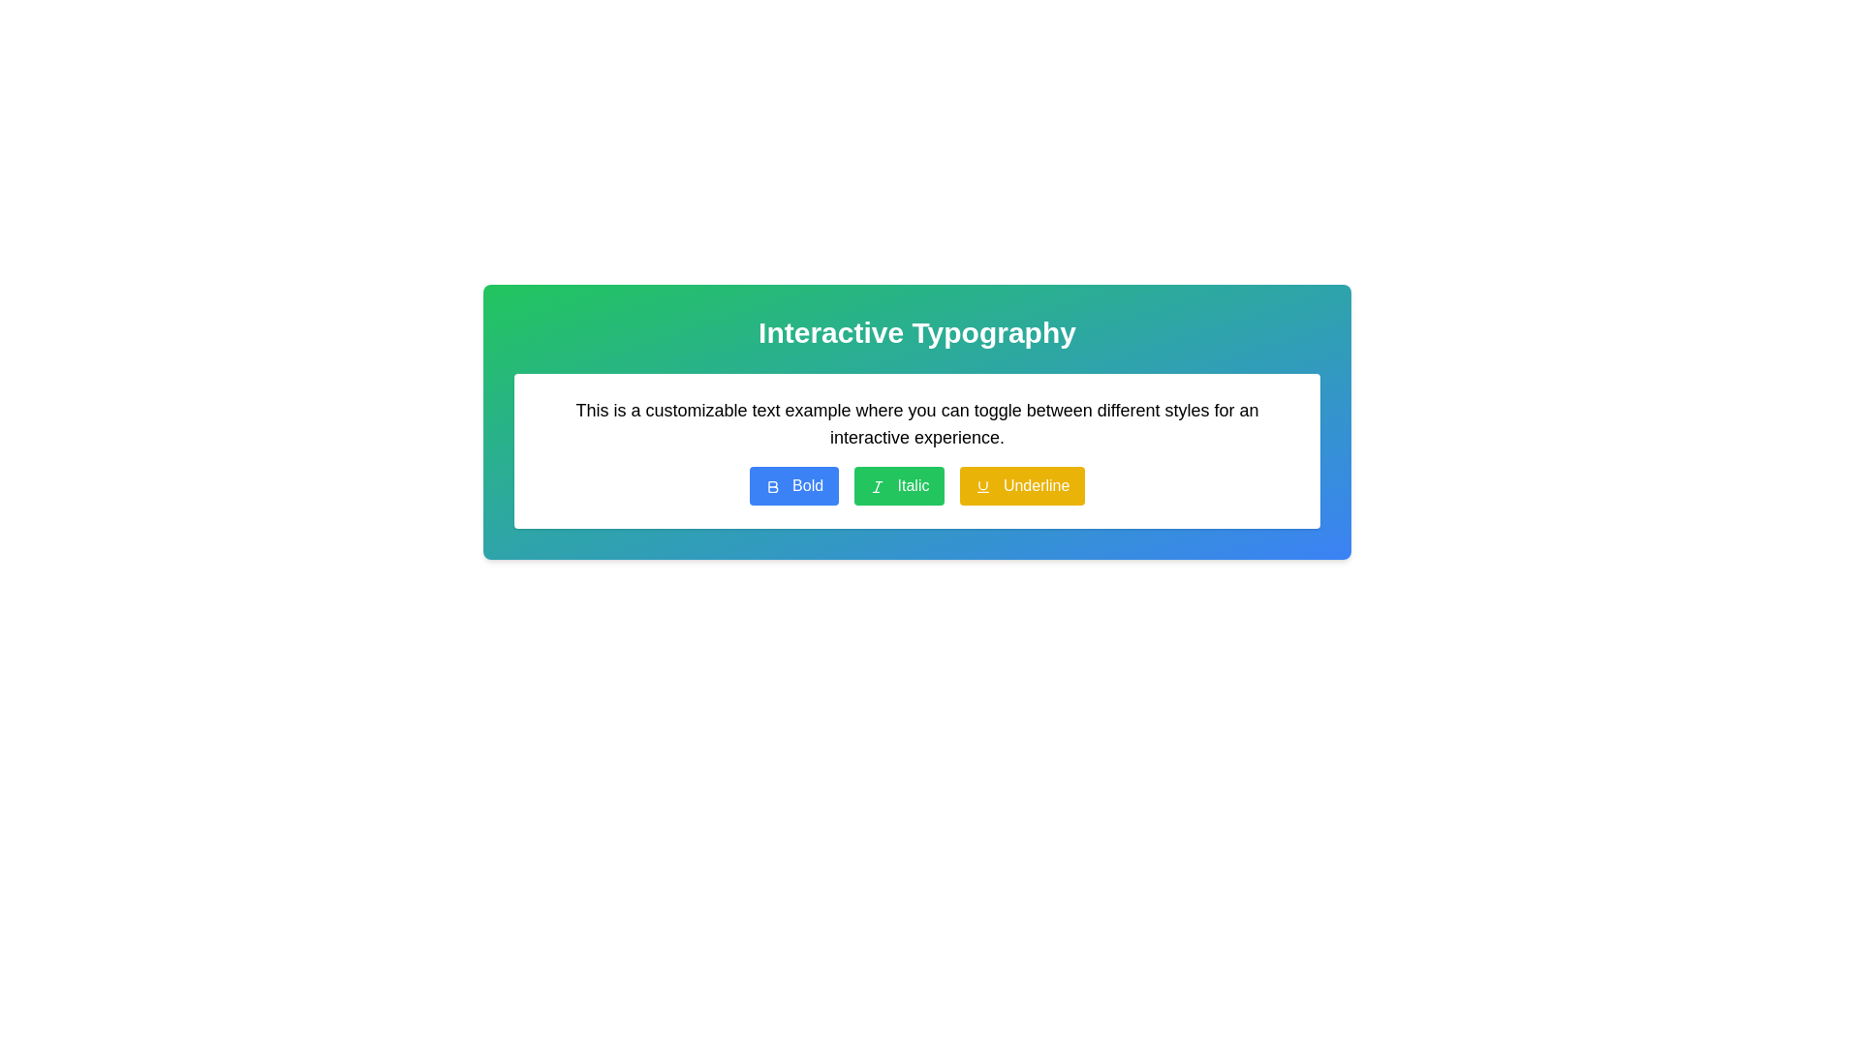 The width and height of the screenshot is (1860, 1046). What do you see at coordinates (898, 484) in the screenshot?
I see `the second button in a horizontal row` at bounding box center [898, 484].